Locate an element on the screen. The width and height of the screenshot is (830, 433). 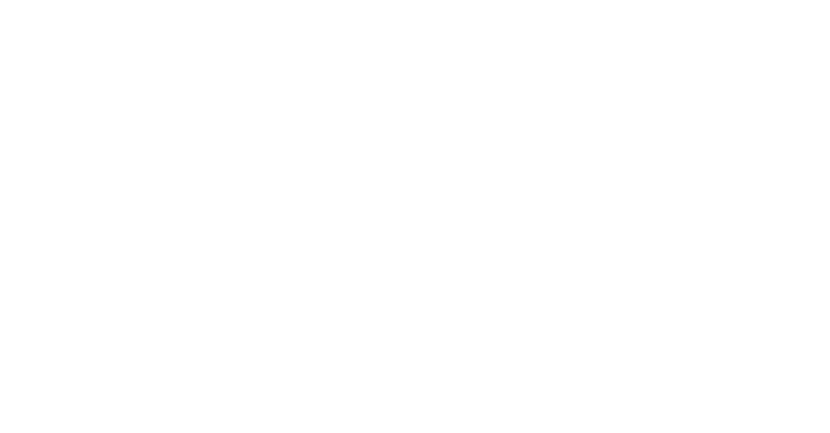
'Inhalt' is located at coordinates (414, 374).